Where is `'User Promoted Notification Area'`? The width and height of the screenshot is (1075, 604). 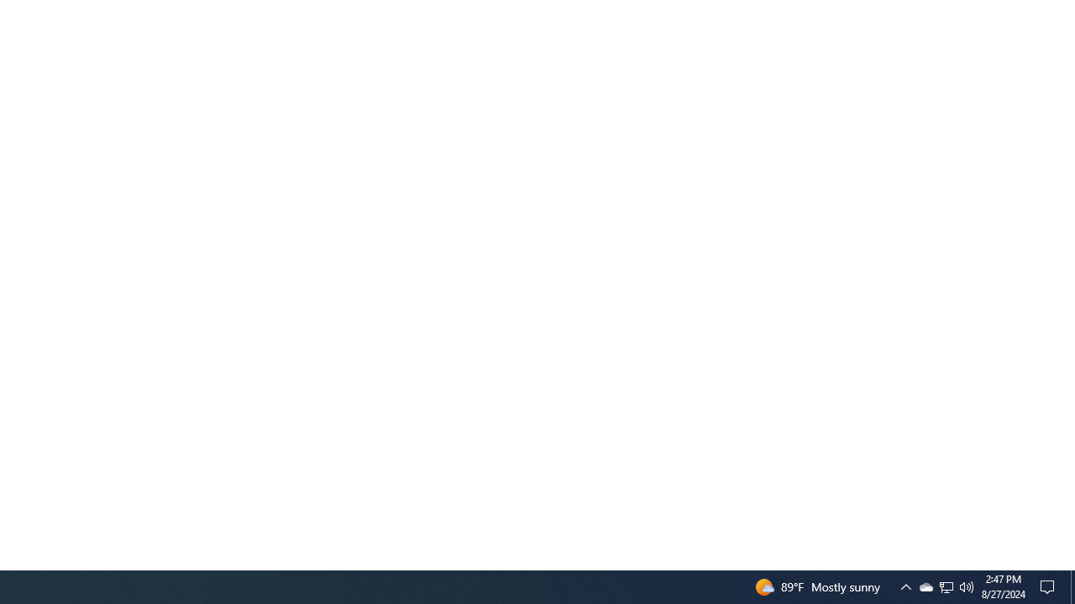 'User Promoted Notification Area' is located at coordinates (947, 586).